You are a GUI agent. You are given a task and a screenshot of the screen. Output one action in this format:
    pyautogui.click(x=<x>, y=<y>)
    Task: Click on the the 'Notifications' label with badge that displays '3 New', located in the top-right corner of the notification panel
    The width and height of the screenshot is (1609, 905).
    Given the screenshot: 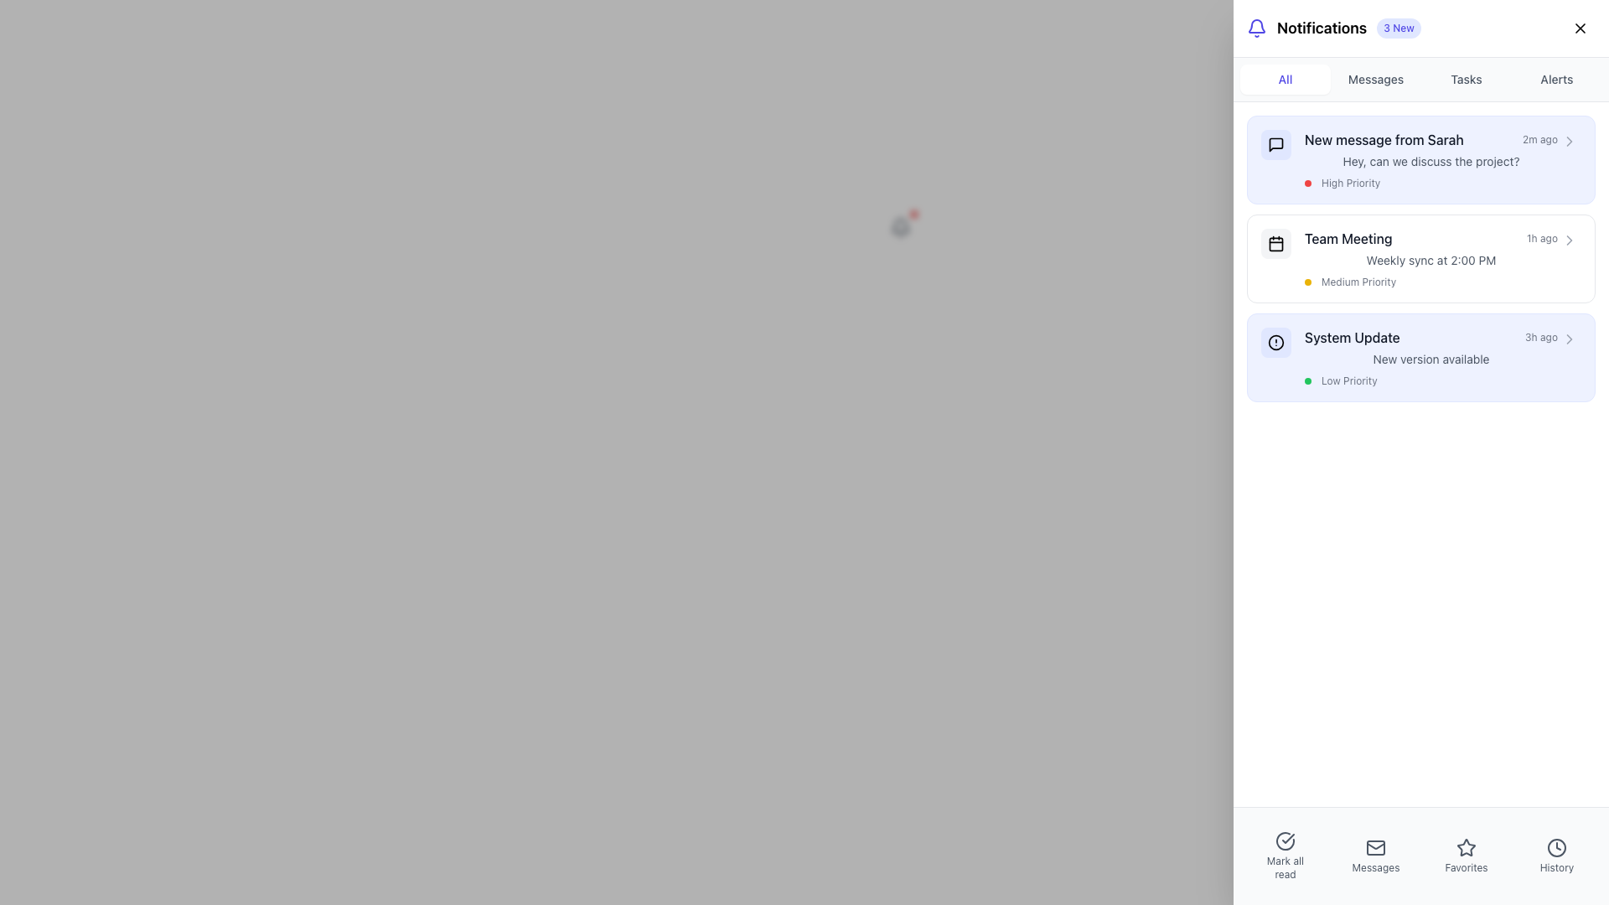 What is the action you would take?
    pyautogui.click(x=1332, y=28)
    